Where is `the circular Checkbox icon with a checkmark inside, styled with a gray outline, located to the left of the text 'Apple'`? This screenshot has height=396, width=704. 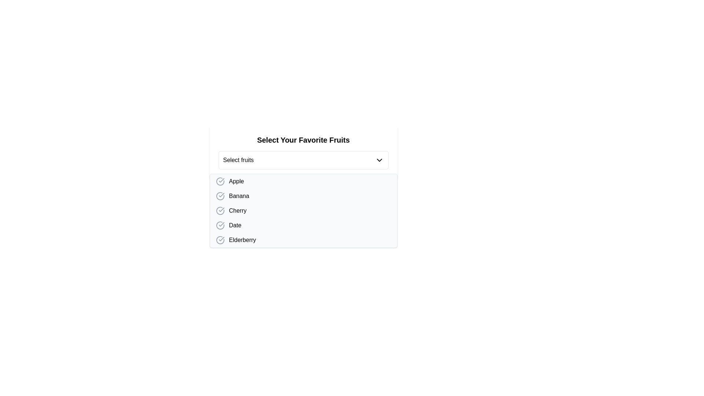 the circular Checkbox icon with a checkmark inside, styled with a gray outline, located to the left of the text 'Apple' is located at coordinates (220, 181).